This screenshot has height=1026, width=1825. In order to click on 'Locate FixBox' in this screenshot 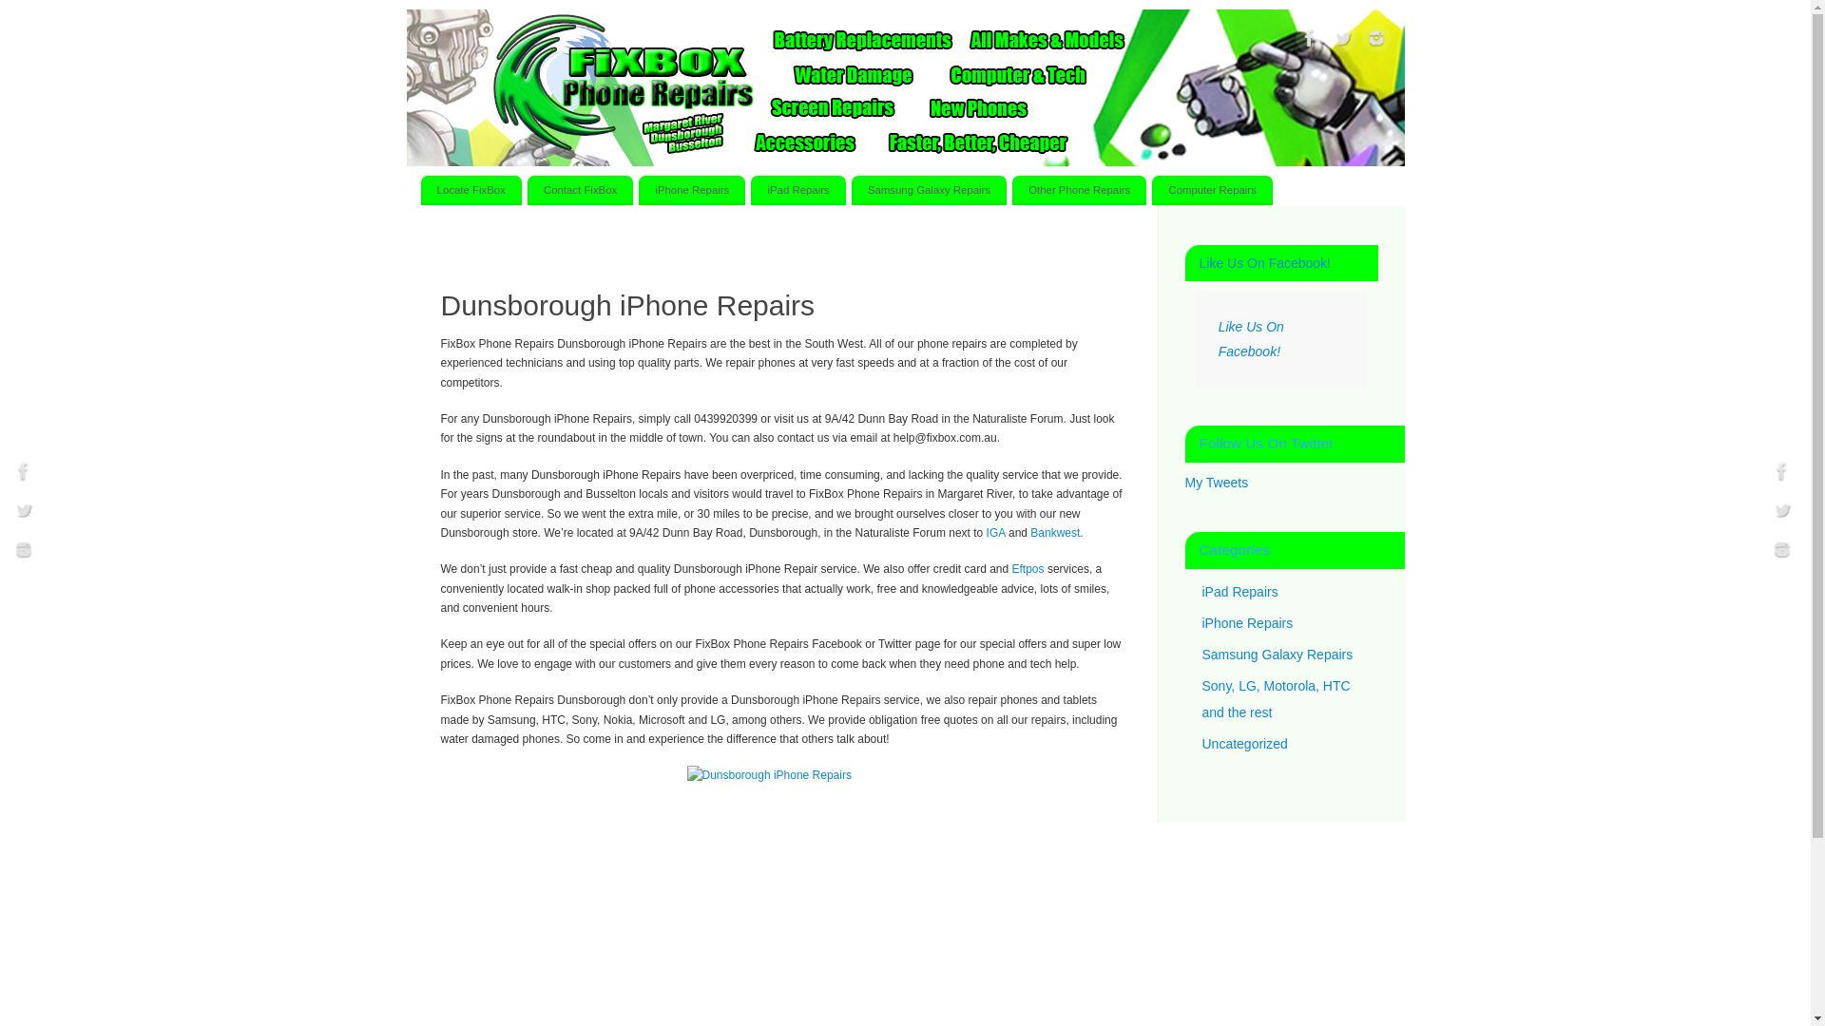, I will do `click(418, 190)`.